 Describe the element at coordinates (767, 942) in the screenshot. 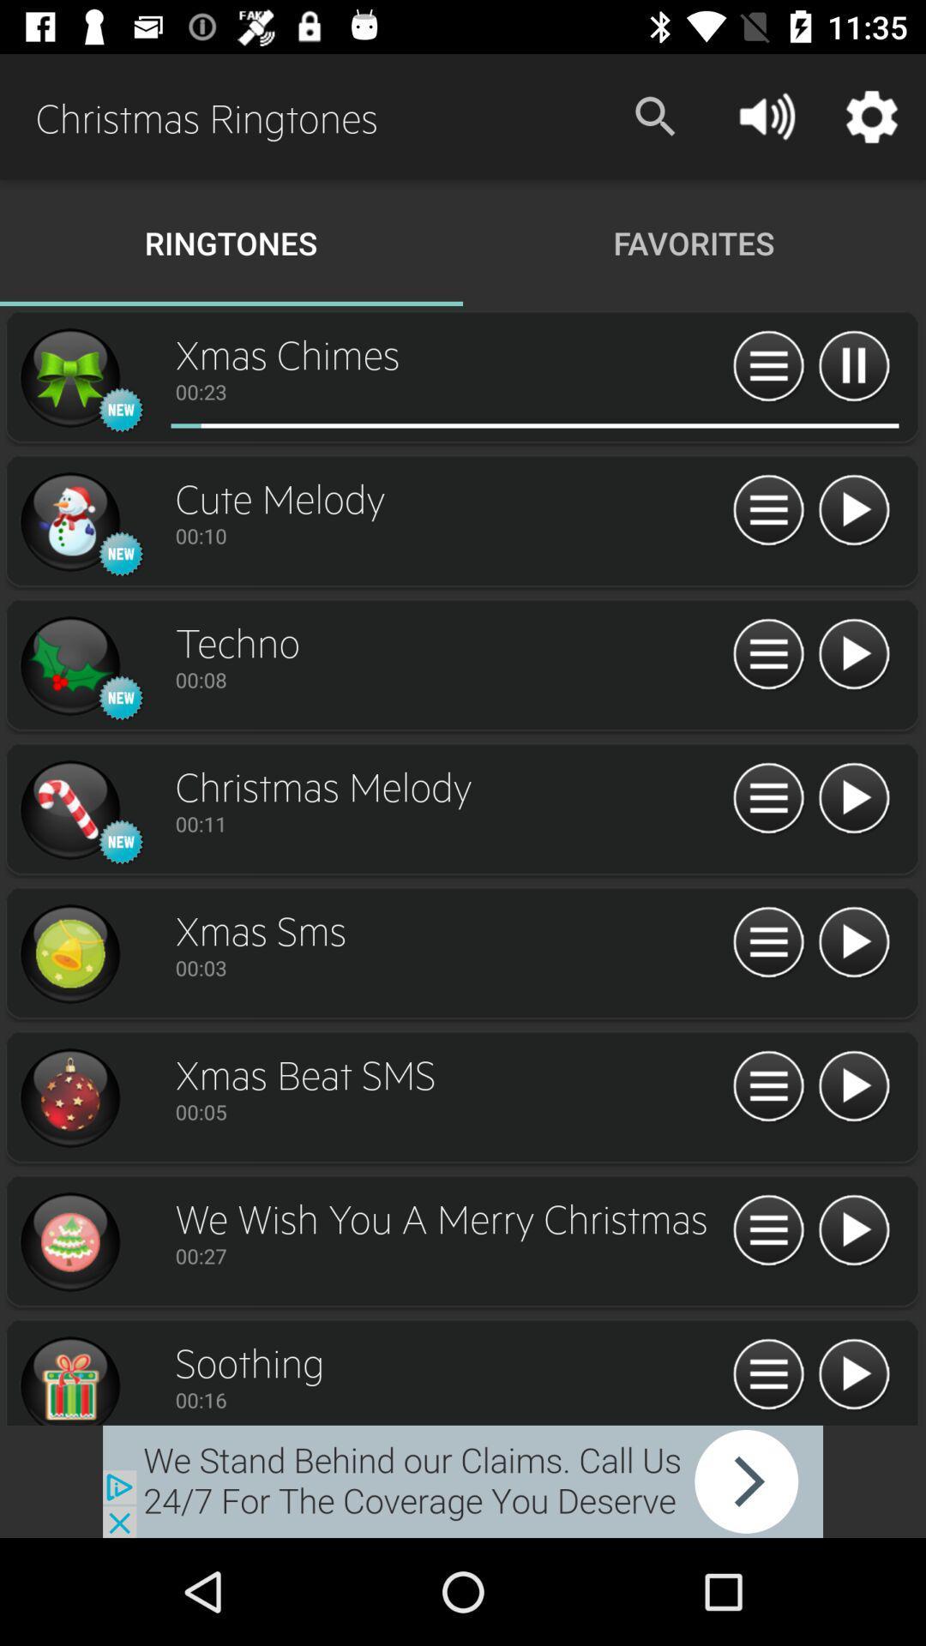

I see `open more information` at that location.